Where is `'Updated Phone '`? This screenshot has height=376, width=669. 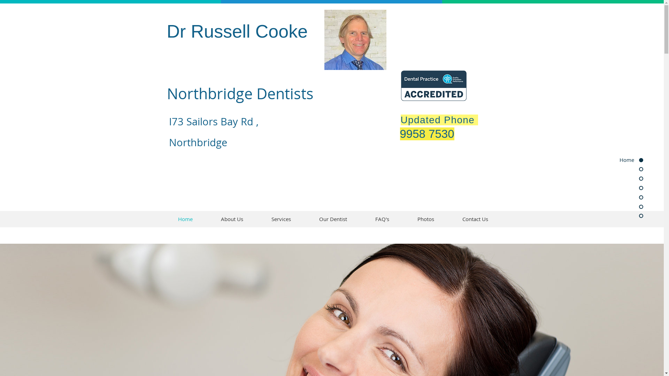
'Updated Phone ' is located at coordinates (401, 119).